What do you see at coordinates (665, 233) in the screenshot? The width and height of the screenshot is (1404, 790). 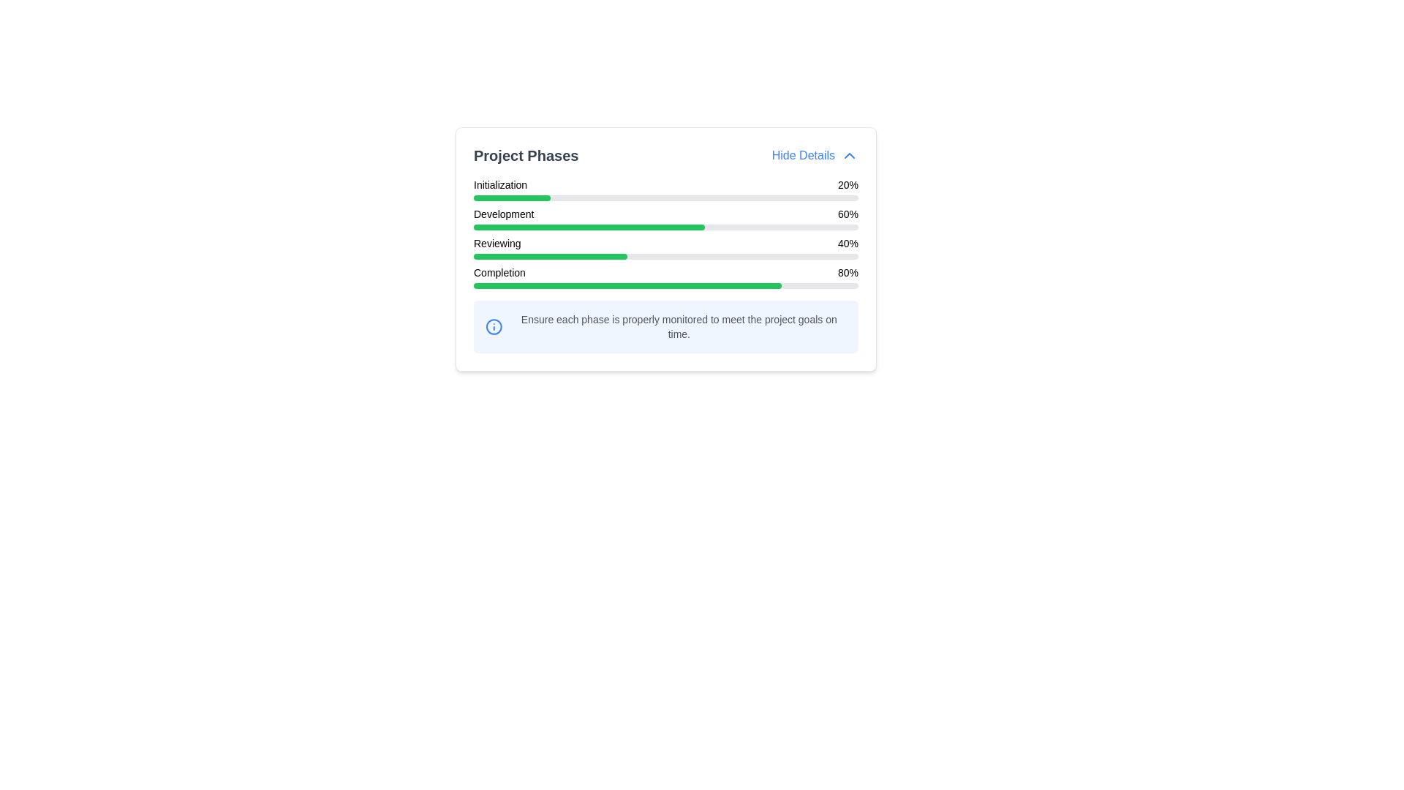 I see `the second progress bar in the vertical list of labeled progress bars under the 'Project Phases' header` at bounding box center [665, 233].